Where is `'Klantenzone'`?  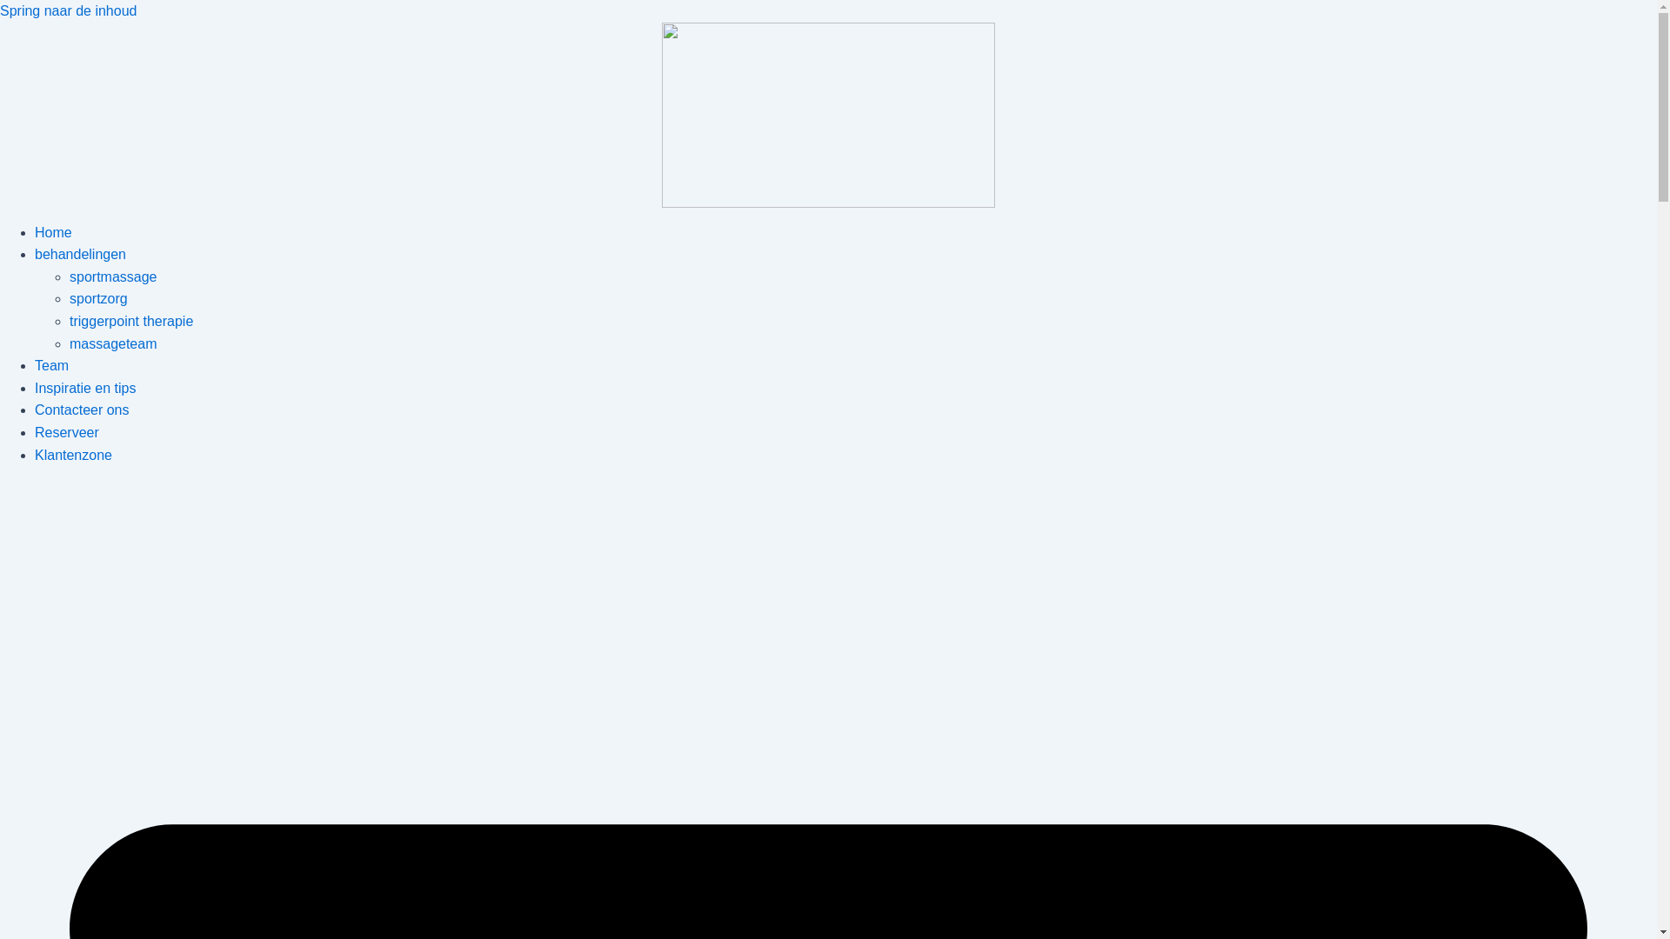
'Klantenzone' is located at coordinates (72, 454).